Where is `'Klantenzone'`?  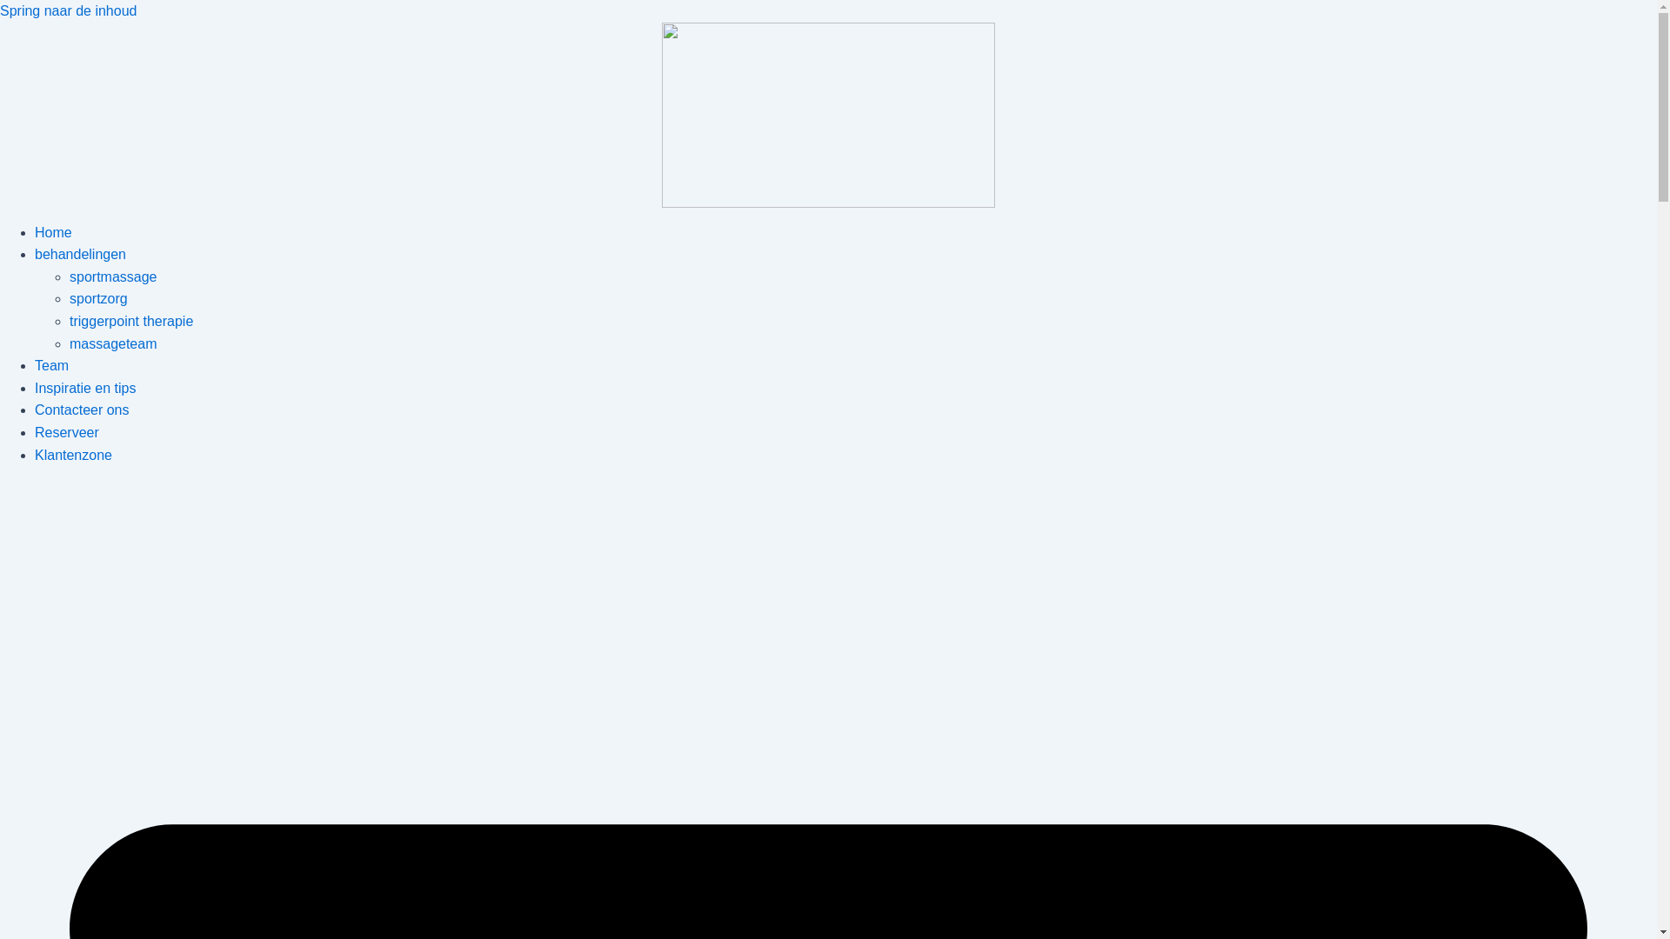
'Klantenzone' is located at coordinates (72, 454).